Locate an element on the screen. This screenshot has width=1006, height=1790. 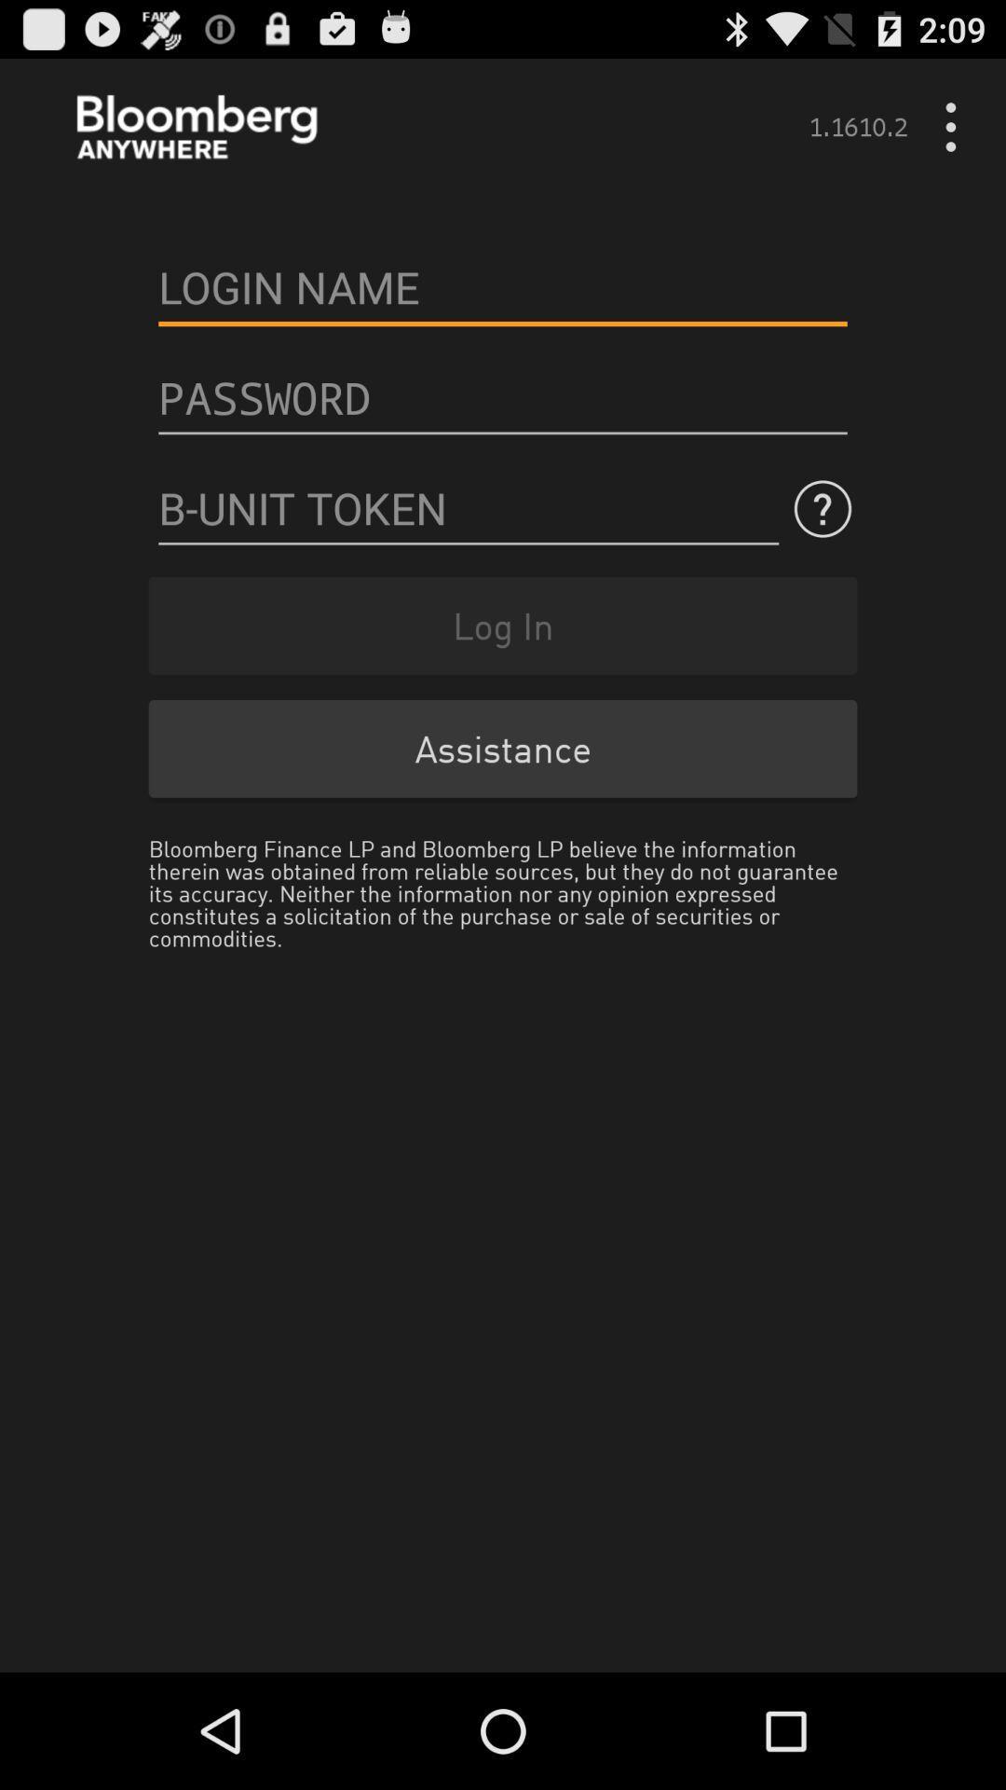
icon above the assistance item is located at coordinates (503, 626).